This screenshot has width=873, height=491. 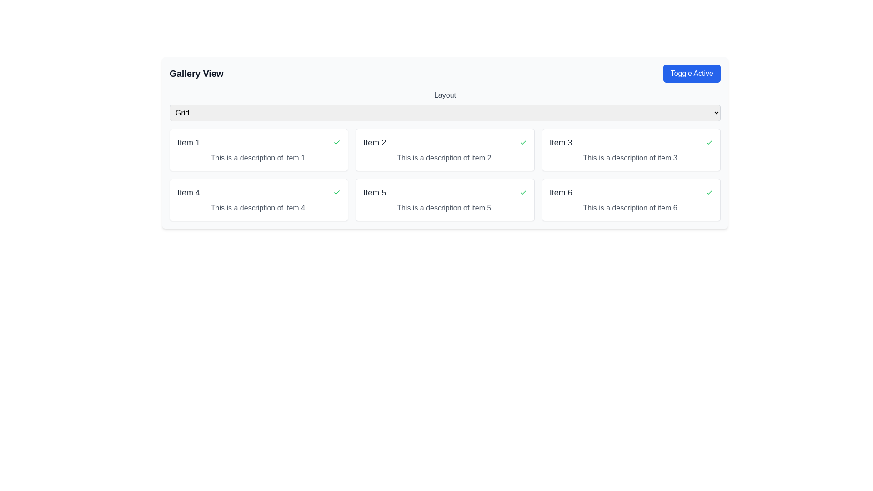 I want to click on the text label that reads 'Item 1' in a bold, medium-large font, located at the top-left corner of the first card in the grid layout, so click(x=188, y=142).